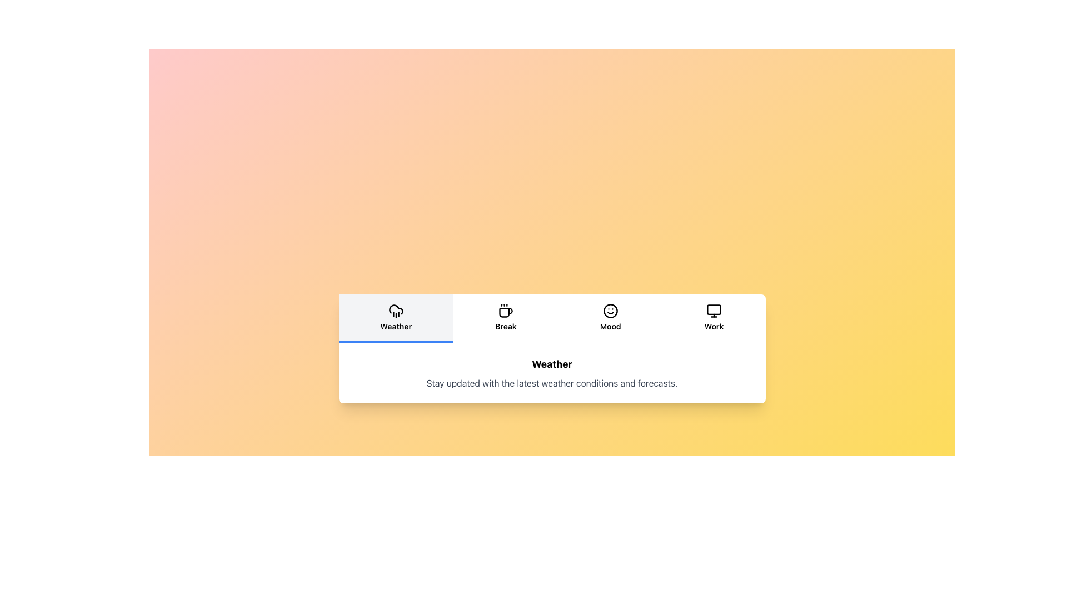 This screenshot has width=1067, height=600. What do you see at coordinates (396, 317) in the screenshot?
I see `the 'Weather' menu item, which is a button-like element featuring a cloud icon with rain lines and the text 'Weather' below it, located as the first item in a horizontal menu` at bounding box center [396, 317].